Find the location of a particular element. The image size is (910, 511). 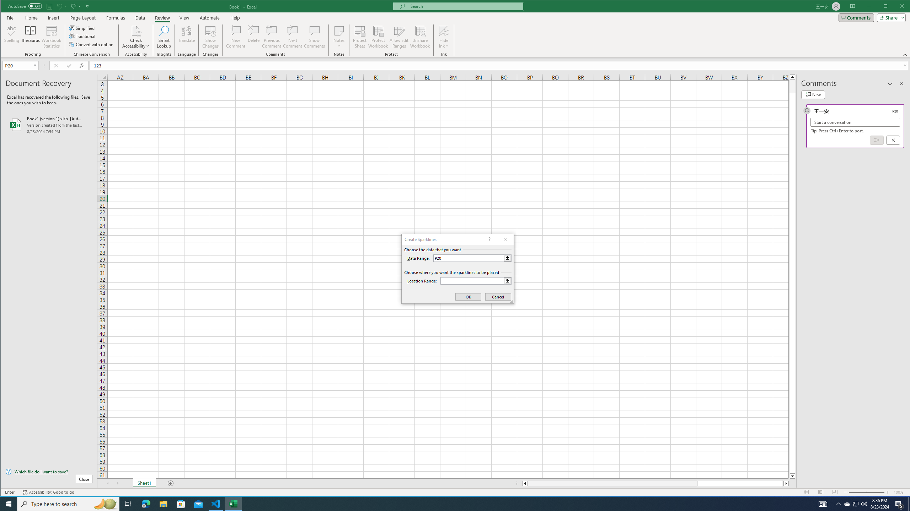

'Delete' is located at coordinates (253, 37).